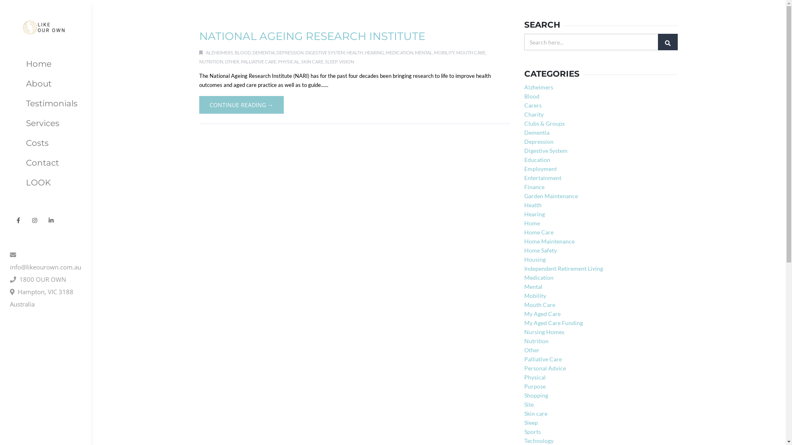 This screenshot has height=445, width=792. What do you see at coordinates (331, 61) in the screenshot?
I see `'SLEEP'` at bounding box center [331, 61].